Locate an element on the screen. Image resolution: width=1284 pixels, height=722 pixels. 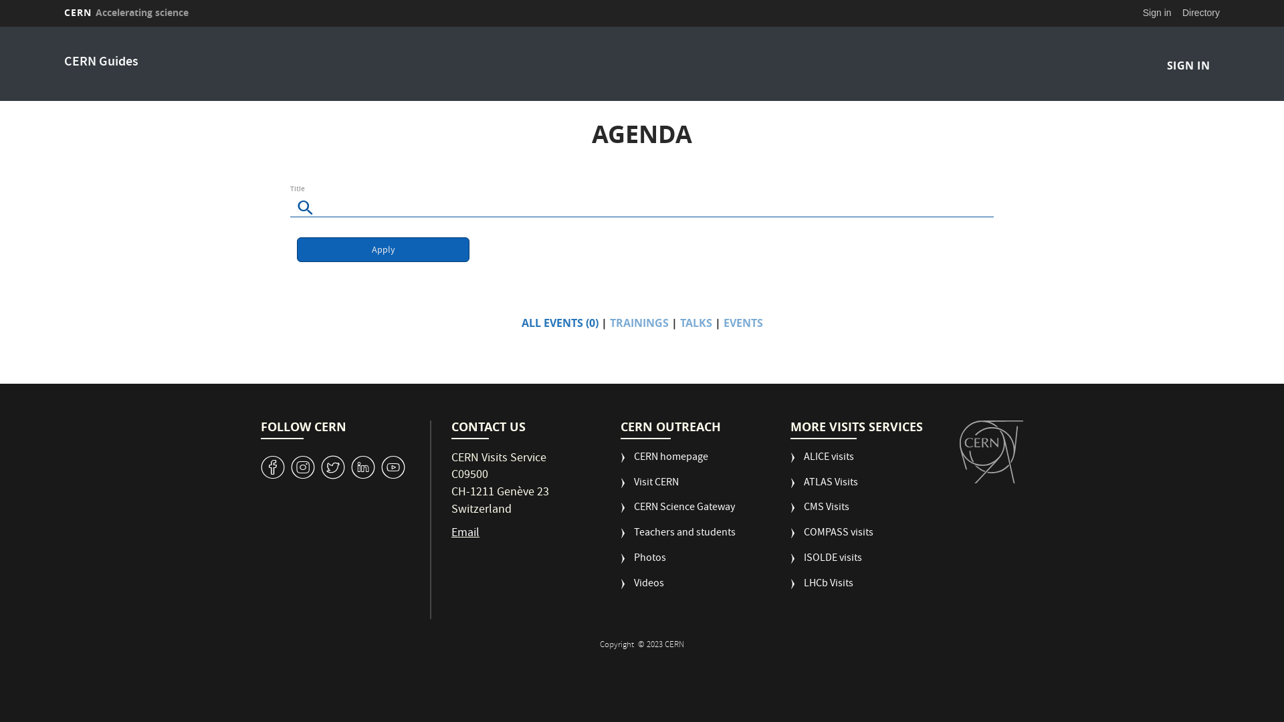
'CERN' is located at coordinates (991, 451).